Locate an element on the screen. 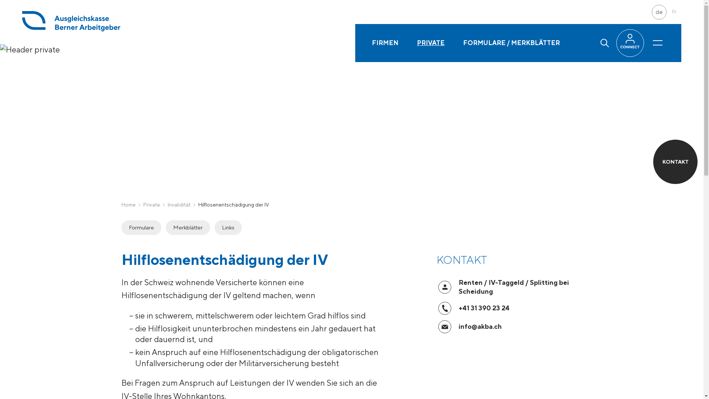 Image resolution: width=709 pixels, height=399 pixels. 'Home' is located at coordinates (128, 205).